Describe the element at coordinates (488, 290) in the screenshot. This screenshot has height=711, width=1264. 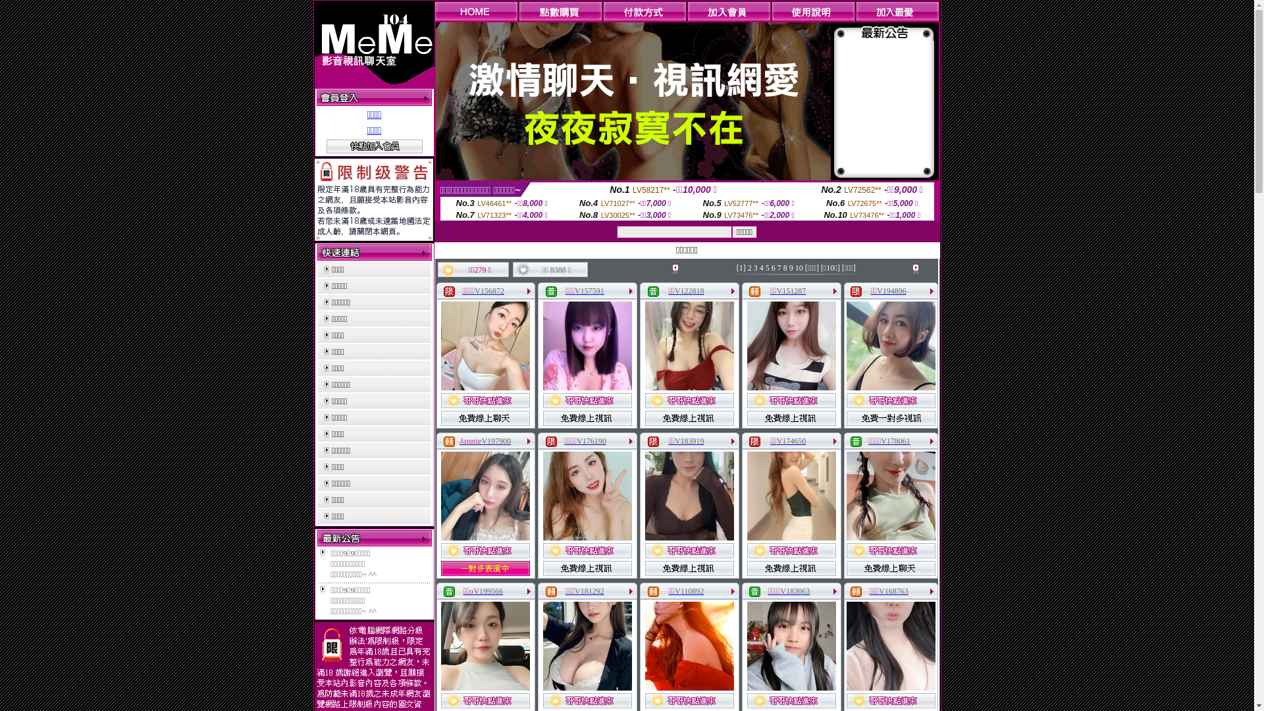
I see `'V156872'` at that location.